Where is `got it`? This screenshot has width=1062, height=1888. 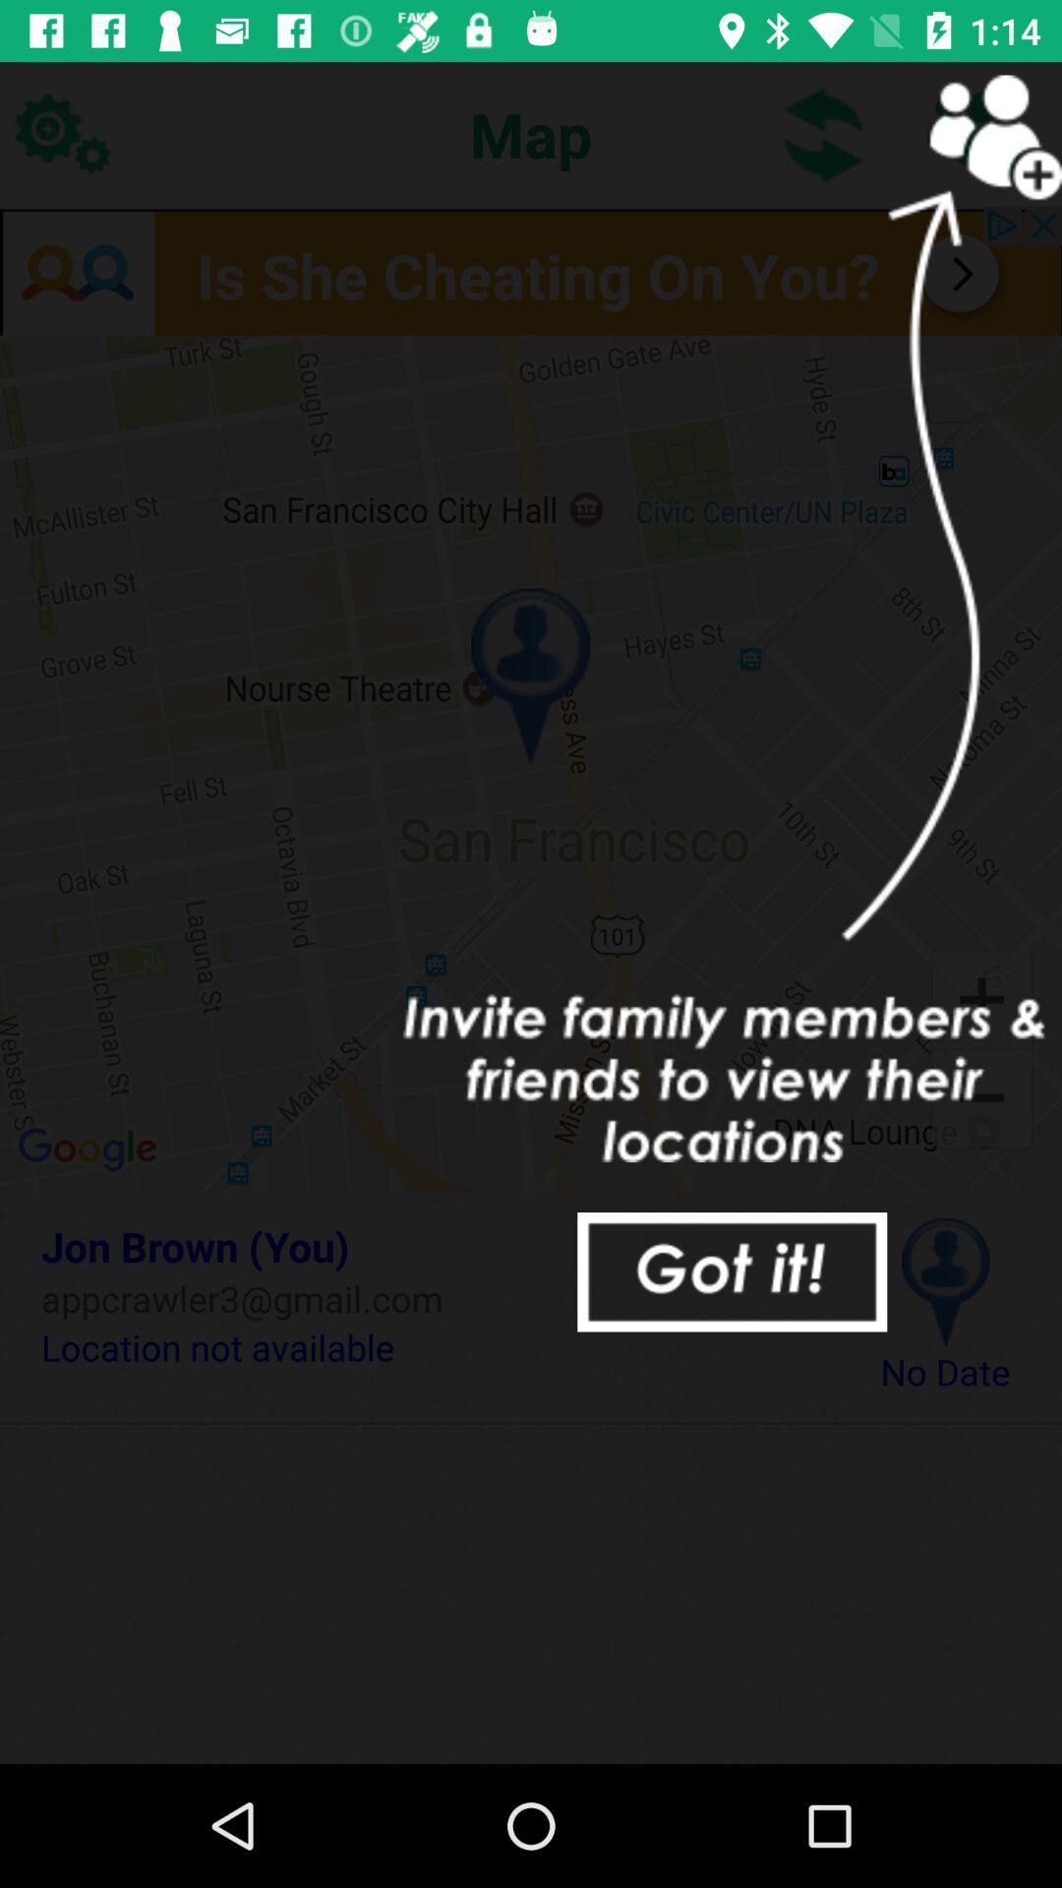 got it is located at coordinates (732, 1271).